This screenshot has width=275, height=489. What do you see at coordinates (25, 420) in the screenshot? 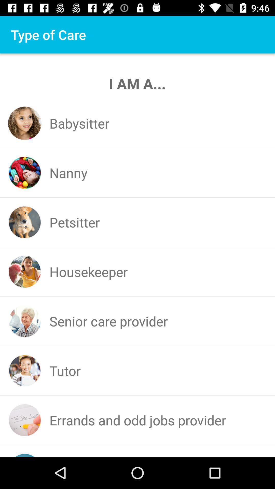
I see `icon in seventh option` at bounding box center [25, 420].